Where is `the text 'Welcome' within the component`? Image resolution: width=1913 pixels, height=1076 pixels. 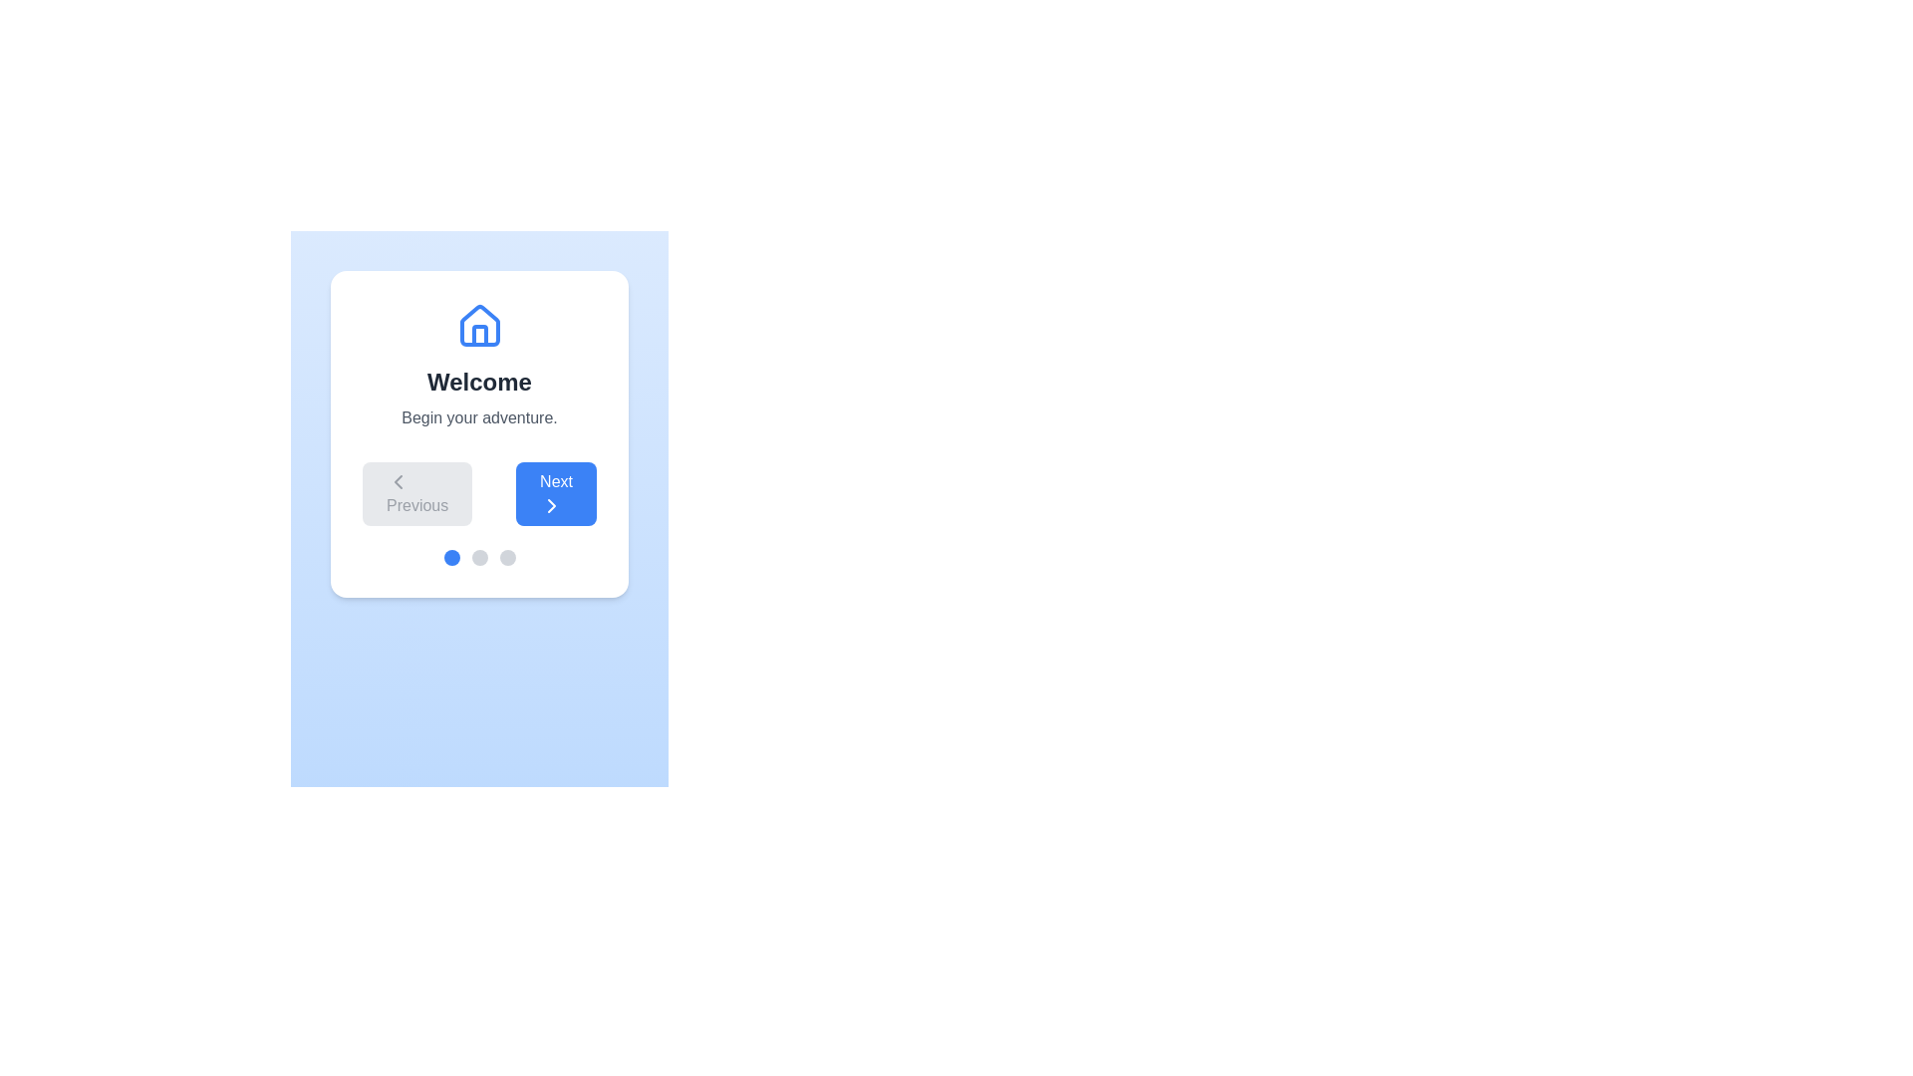
the text 'Welcome' within the component is located at coordinates (479, 383).